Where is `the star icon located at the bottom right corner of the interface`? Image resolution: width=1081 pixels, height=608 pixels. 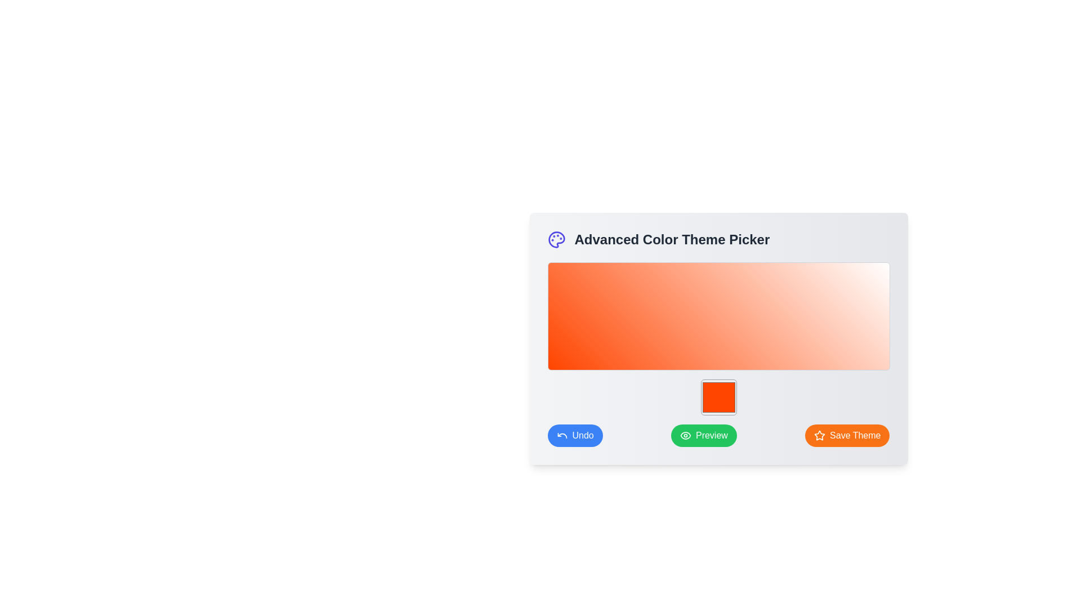 the star icon located at the bottom right corner of the interface is located at coordinates (820, 435).